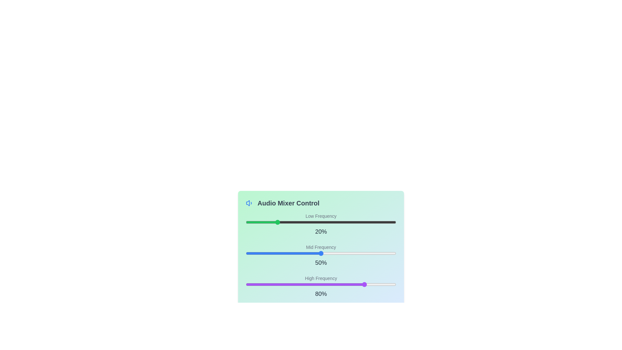 This screenshot has width=622, height=350. What do you see at coordinates (371, 253) in the screenshot?
I see `the 'Mid Frequency' slider` at bounding box center [371, 253].